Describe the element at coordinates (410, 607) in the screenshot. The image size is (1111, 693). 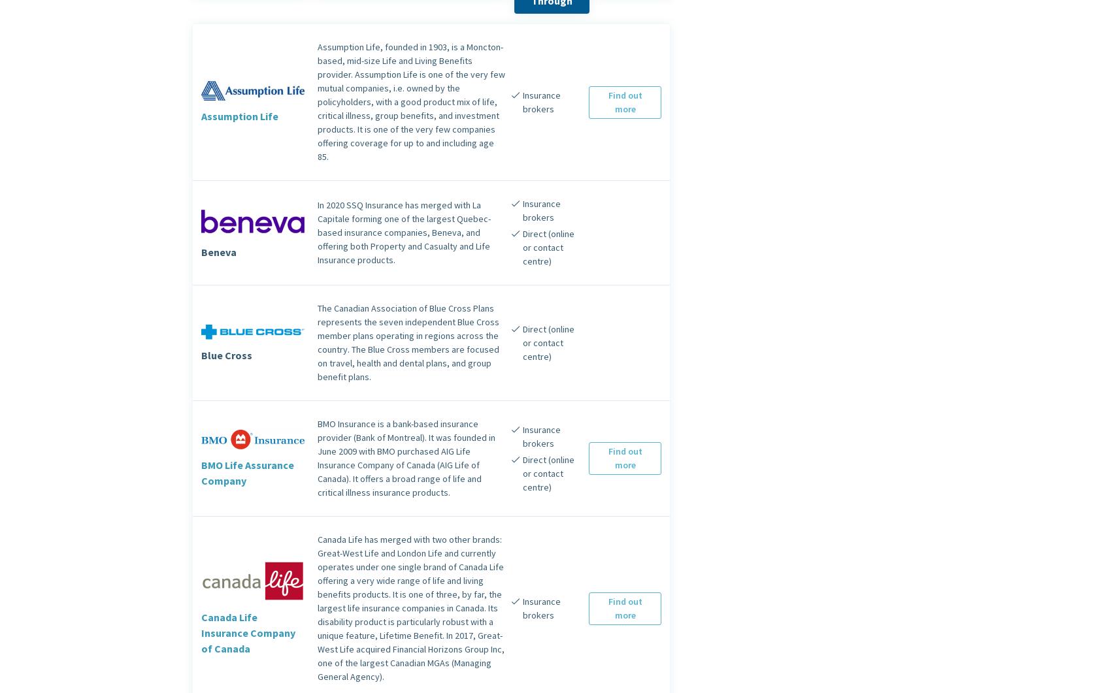
I see `'Canada Life has merged with two other brands: Great-West Life and London Life and currently operates under one single brand of Canada Life offering a very wide range of life and living benefits products. It is one of three, by far, the largest life insurance companies in Canada. Its disability product is particularly robust with a unique feature, Lifetime Benefit. In 2017, Great-West Life acquired Financial Horizons Group Inc, one of the largest Canadian MGAs (Managing General Agency).'` at that location.